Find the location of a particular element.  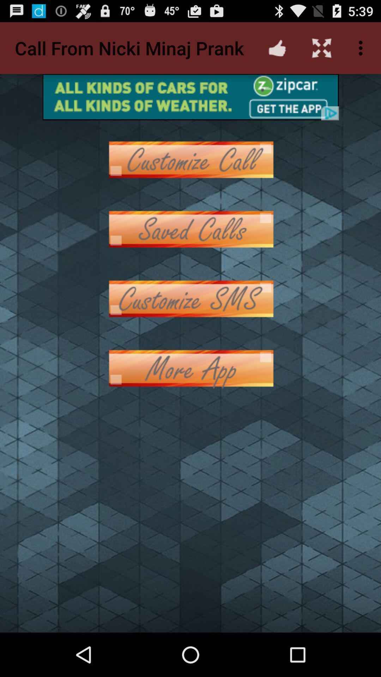

open saved calls is located at coordinates (190, 229).